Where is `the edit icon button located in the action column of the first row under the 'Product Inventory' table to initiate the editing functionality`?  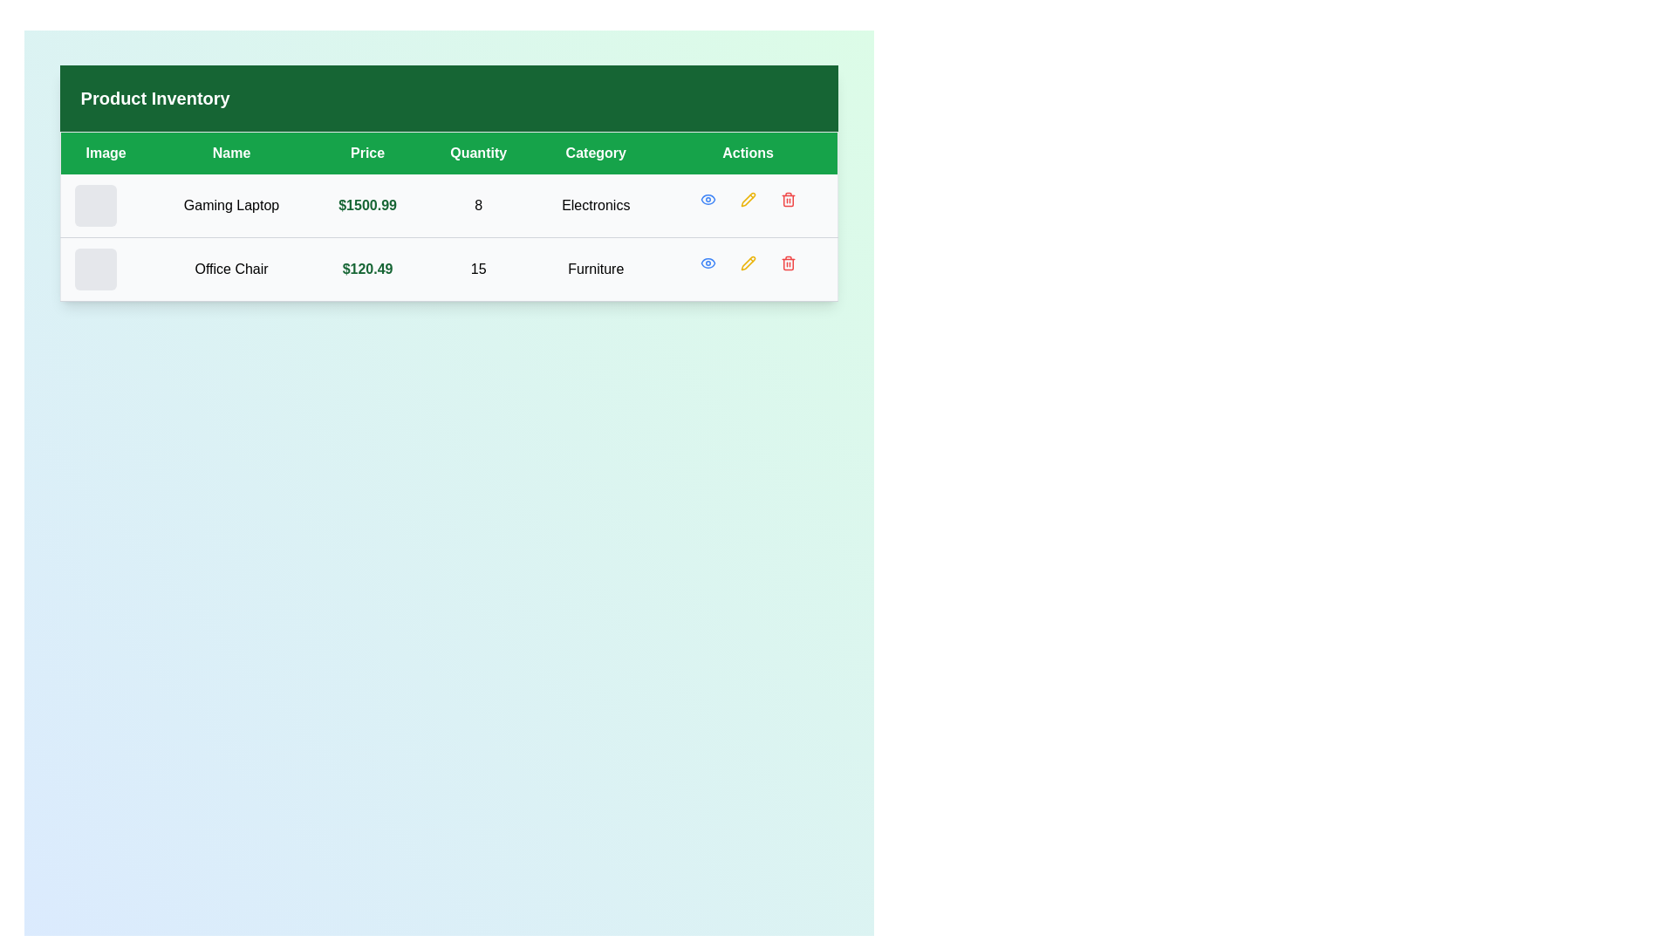
the edit icon button located in the action column of the first row under the 'Product Inventory' table to initiate the editing functionality is located at coordinates (748, 198).